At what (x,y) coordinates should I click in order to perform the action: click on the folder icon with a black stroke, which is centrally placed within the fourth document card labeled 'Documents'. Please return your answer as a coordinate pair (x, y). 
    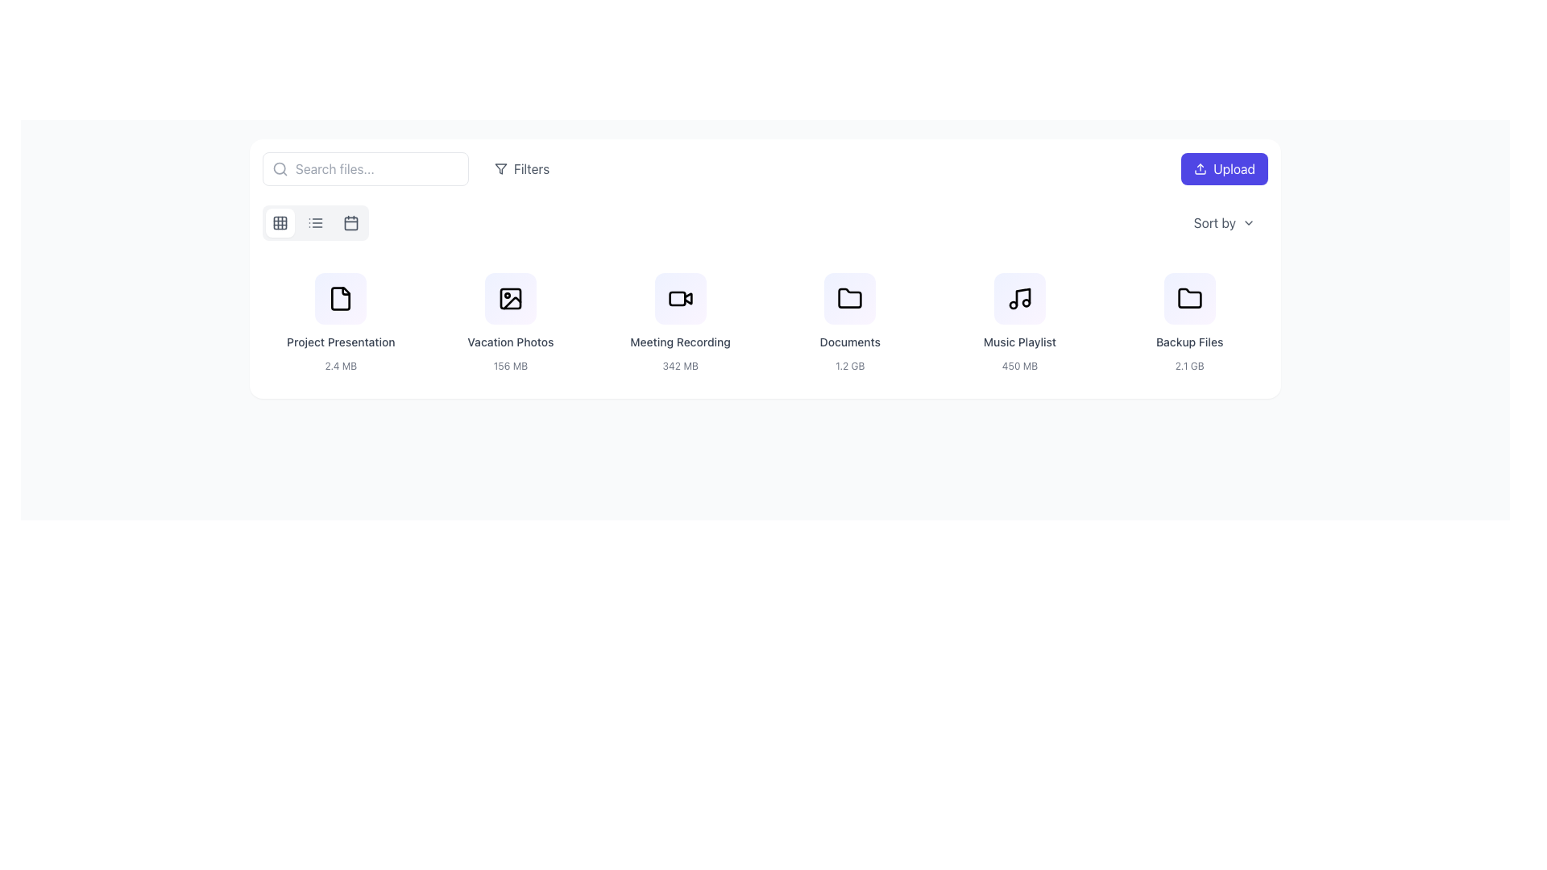
    Looking at the image, I should click on (849, 298).